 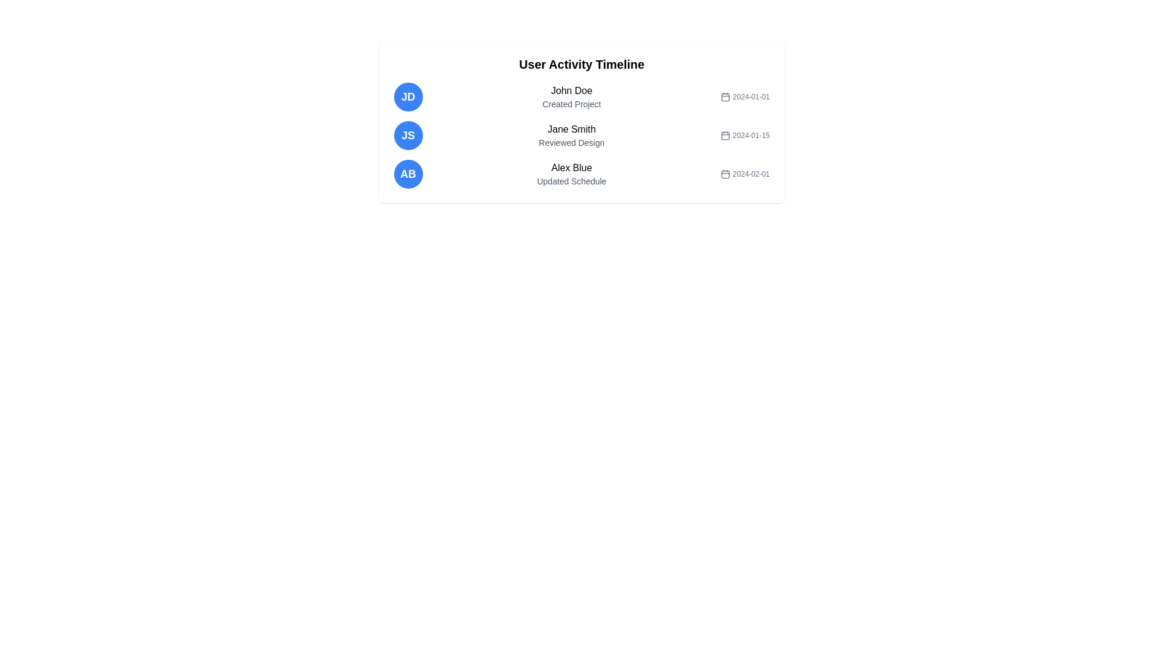 What do you see at coordinates (571, 104) in the screenshot?
I see `the text label that specifies the activity as 'Created Project', which is positioned below the sibling text 'John Doe'` at bounding box center [571, 104].